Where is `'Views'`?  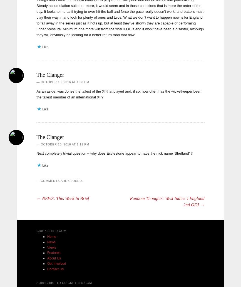
'Views' is located at coordinates (51, 247).